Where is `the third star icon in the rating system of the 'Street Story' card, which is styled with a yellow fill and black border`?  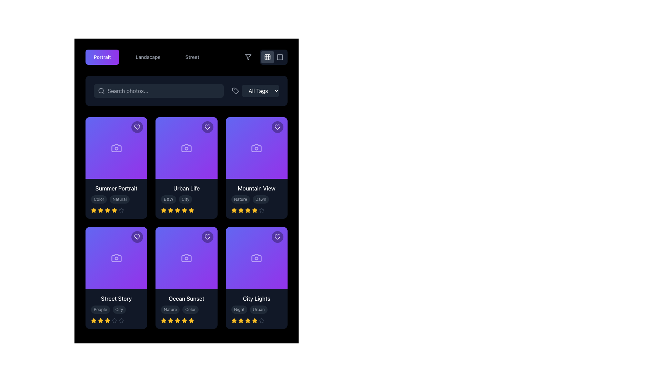 the third star icon in the rating system of the 'Street Story' card, which is styled with a yellow fill and black border is located at coordinates (100, 320).